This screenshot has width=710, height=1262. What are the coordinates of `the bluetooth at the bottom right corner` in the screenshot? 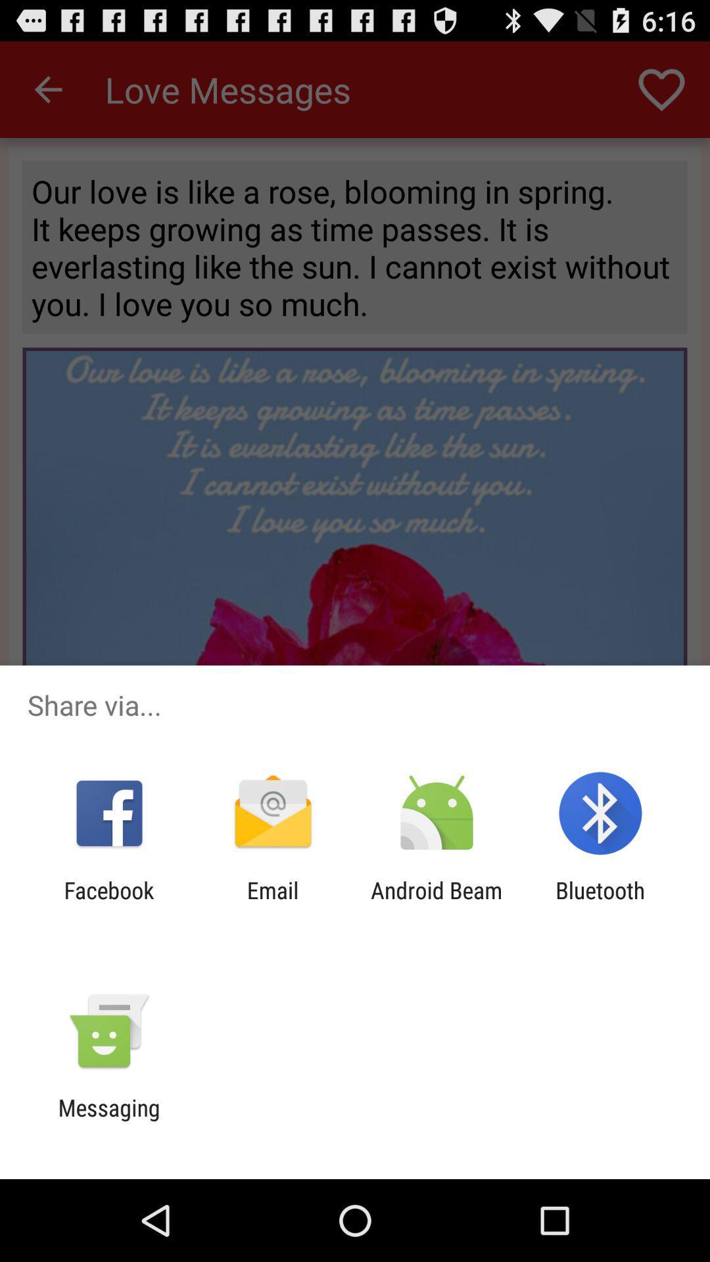 It's located at (600, 903).